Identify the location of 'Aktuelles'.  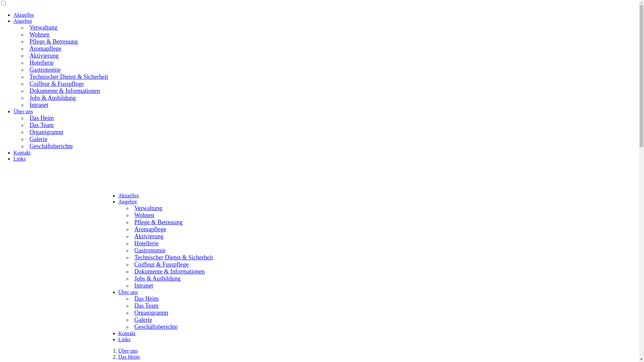
(128, 195).